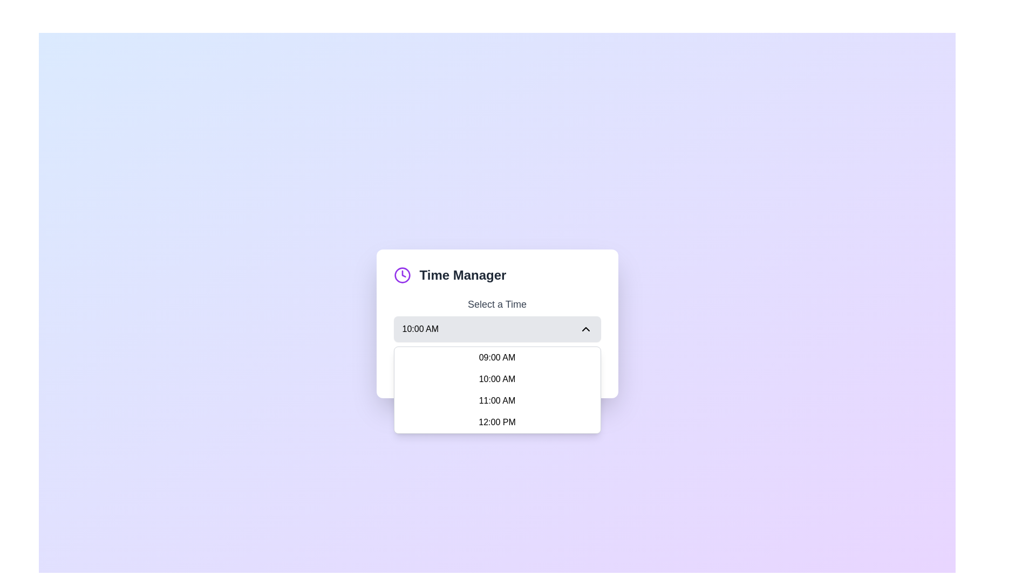 This screenshot has height=582, width=1036. What do you see at coordinates (496, 328) in the screenshot?
I see `the dropdown button displaying '10:00 AM'` at bounding box center [496, 328].